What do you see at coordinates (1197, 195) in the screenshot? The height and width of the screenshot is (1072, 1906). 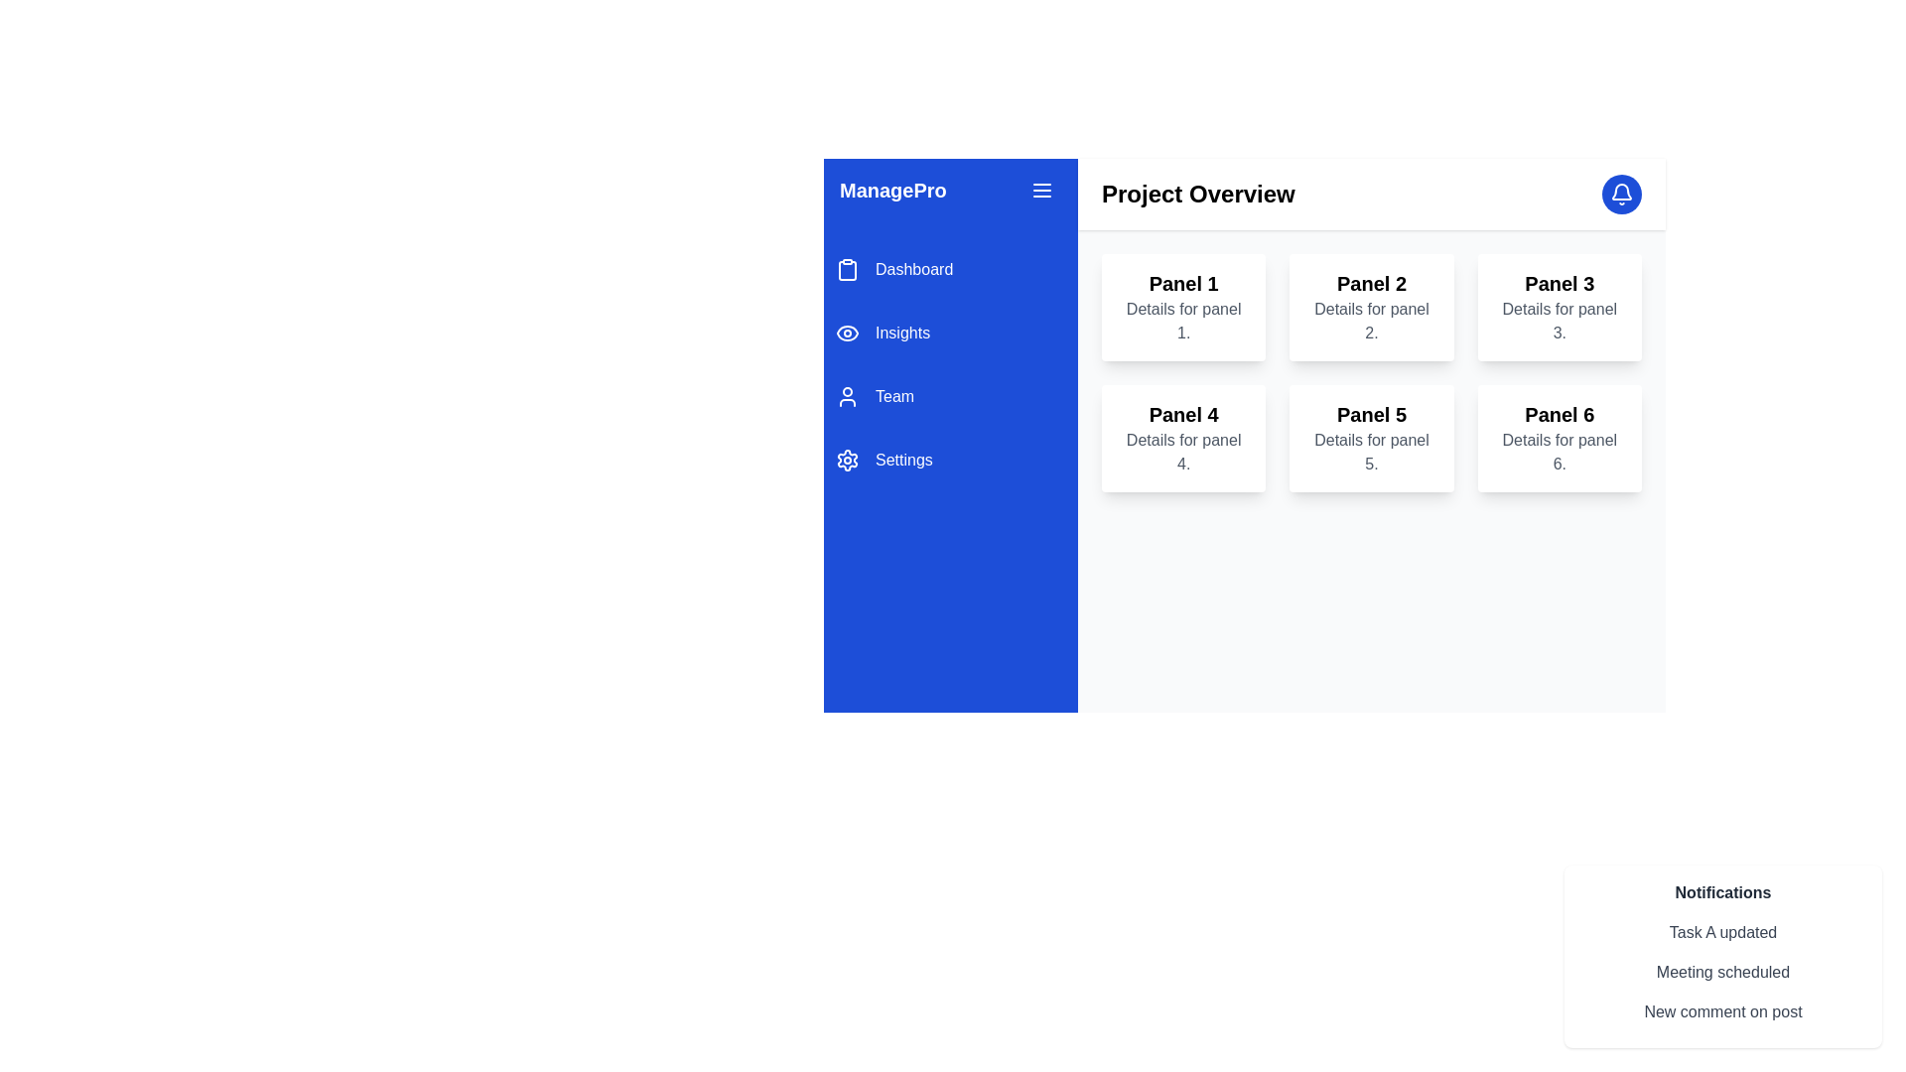 I see `header text located at the upper left section of the project overview page or dashboard interface` at bounding box center [1197, 195].